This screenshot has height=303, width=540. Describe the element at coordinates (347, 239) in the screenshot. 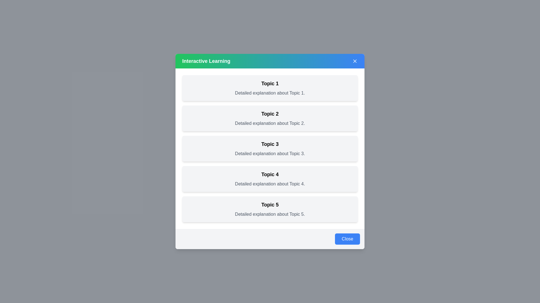

I see `the 'Close' button to close the dialog` at that location.